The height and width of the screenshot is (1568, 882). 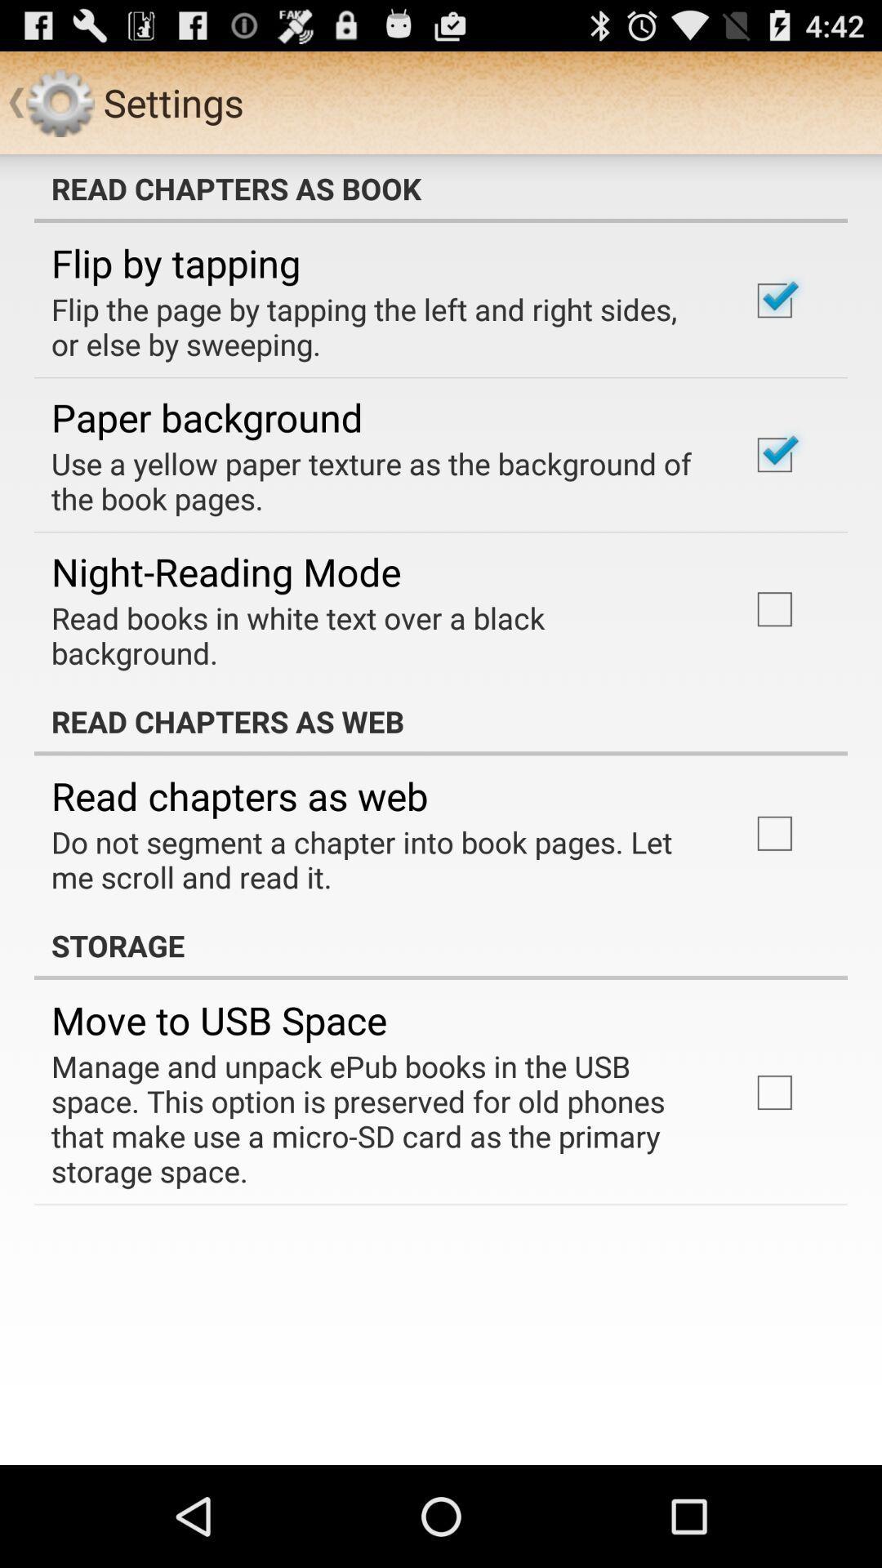 I want to click on move to usb item, so click(x=218, y=1019).